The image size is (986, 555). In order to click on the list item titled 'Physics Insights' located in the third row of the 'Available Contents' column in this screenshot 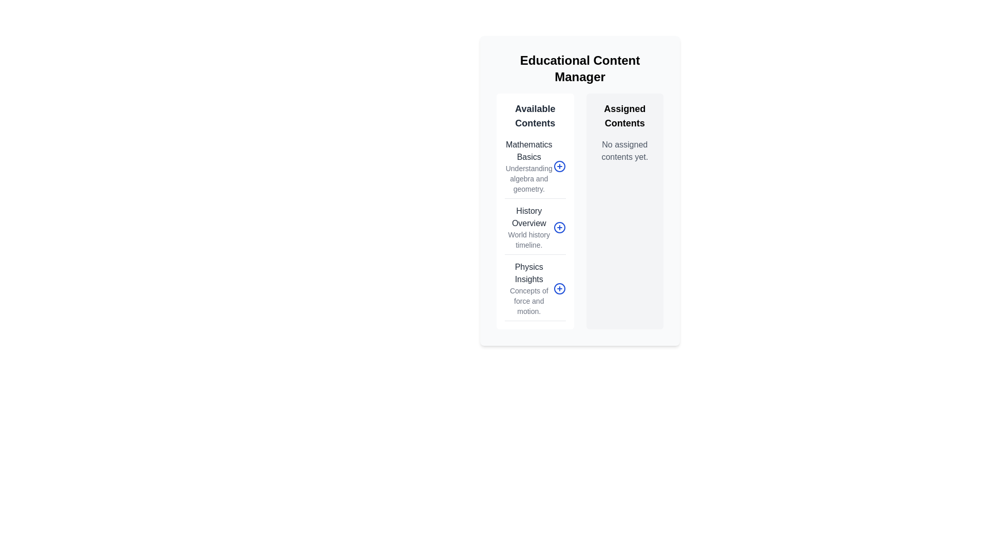, I will do `click(535, 291)`.